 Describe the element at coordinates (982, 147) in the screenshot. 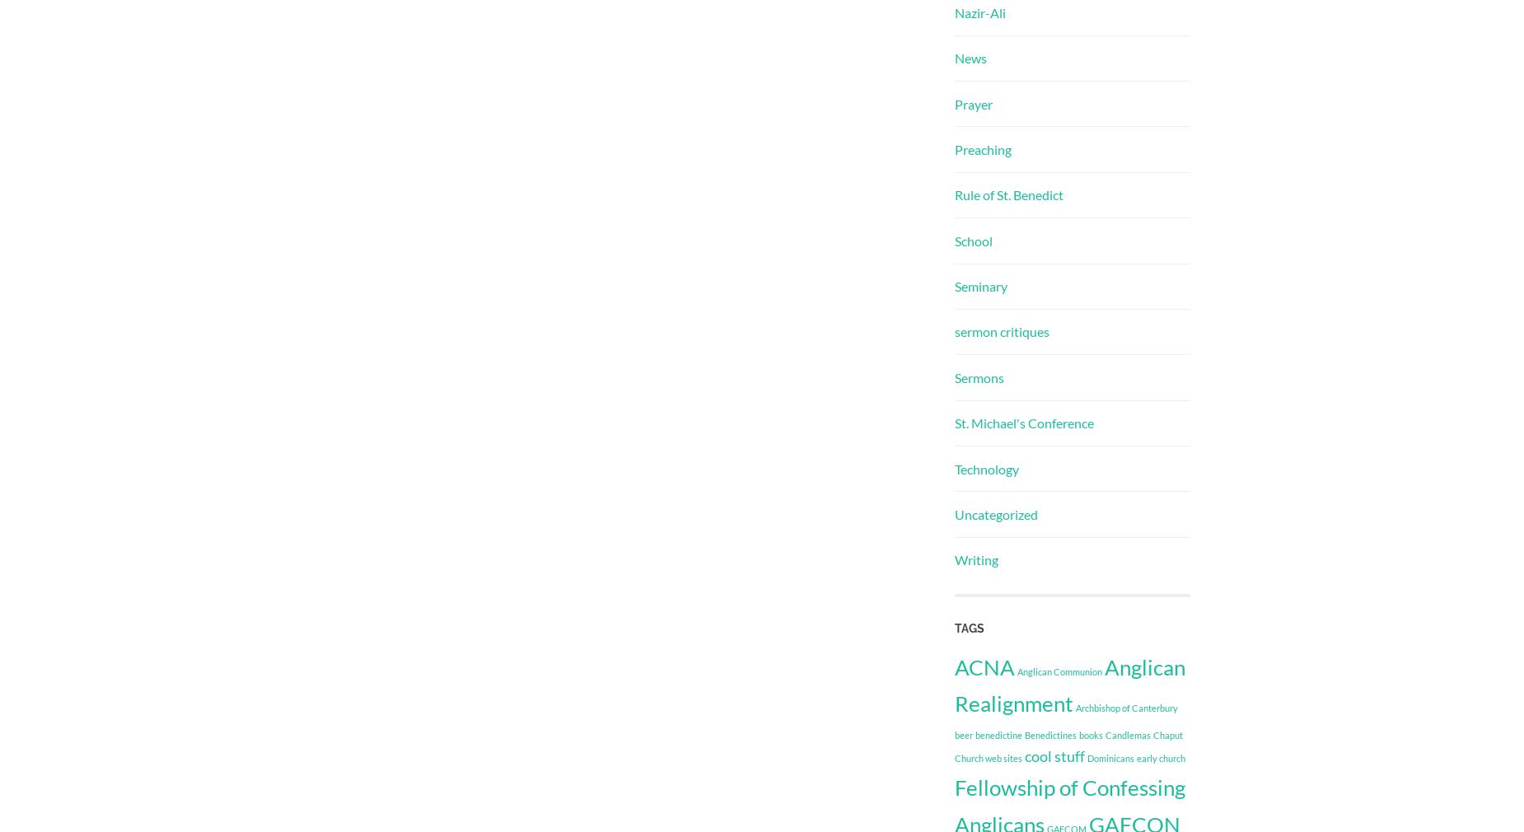

I see `'Preaching'` at that location.